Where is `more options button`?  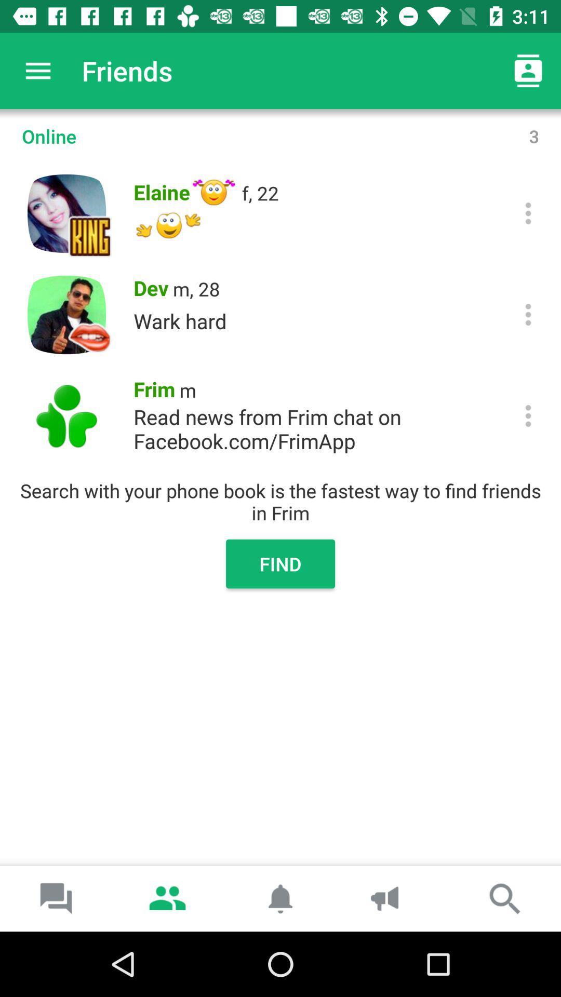
more options button is located at coordinates (528, 416).